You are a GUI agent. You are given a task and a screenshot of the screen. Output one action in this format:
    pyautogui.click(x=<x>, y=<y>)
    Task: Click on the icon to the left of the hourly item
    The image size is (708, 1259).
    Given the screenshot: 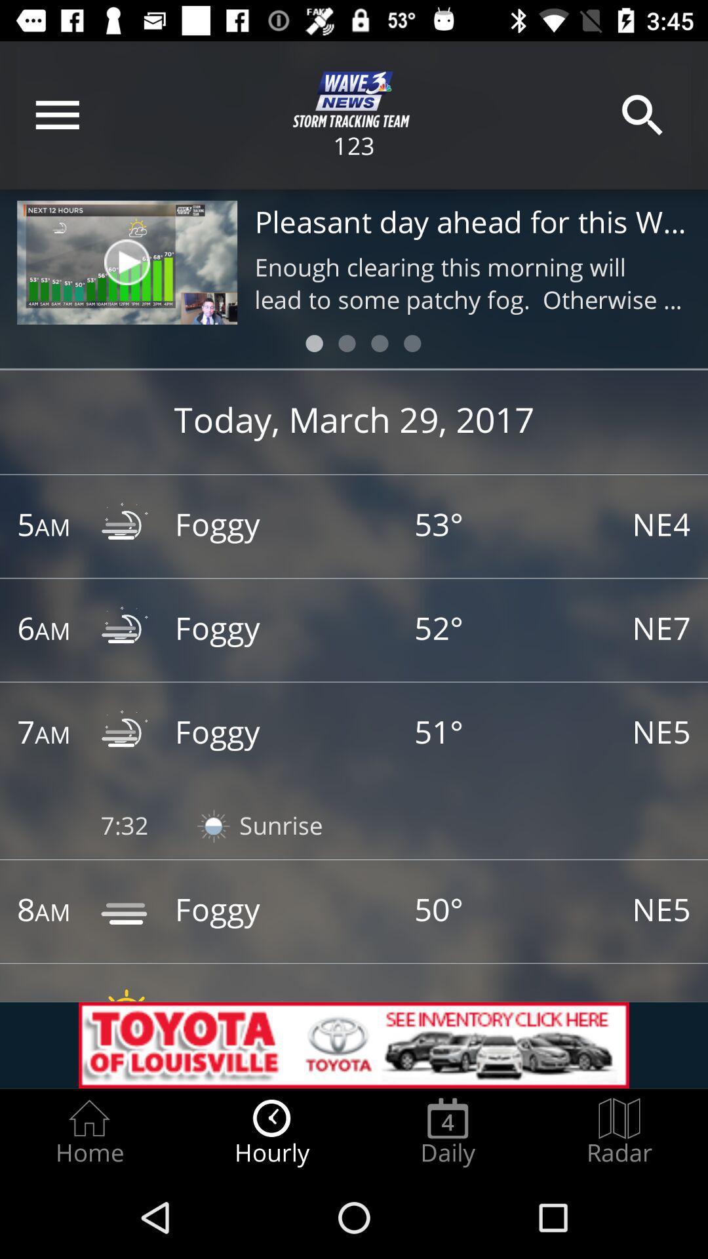 What is the action you would take?
    pyautogui.click(x=88, y=1132)
    